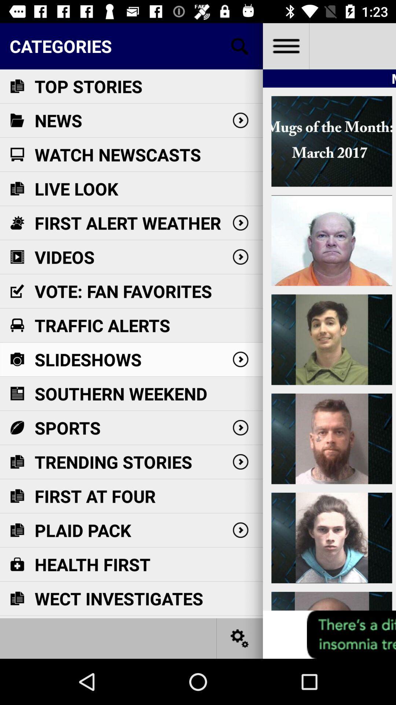 This screenshot has width=396, height=705. What do you see at coordinates (240, 46) in the screenshot?
I see `the search icon` at bounding box center [240, 46].